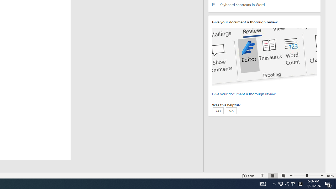 This screenshot has width=336, height=189. Describe the element at coordinates (218, 110) in the screenshot. I see `'Yes'` at that location.